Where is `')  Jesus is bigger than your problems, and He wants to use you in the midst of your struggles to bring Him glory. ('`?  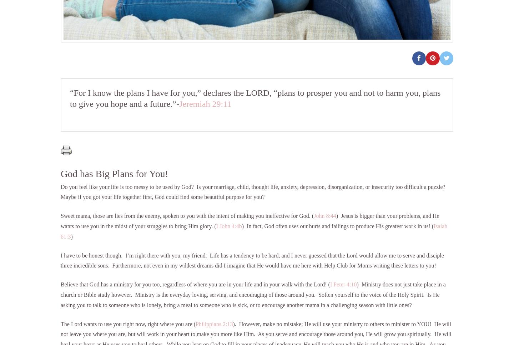
')  Jesus is bigger than your problems, and He wants to use you in the midst of your struggles to bring Him glory. (' is located at coordinates (250, 221).